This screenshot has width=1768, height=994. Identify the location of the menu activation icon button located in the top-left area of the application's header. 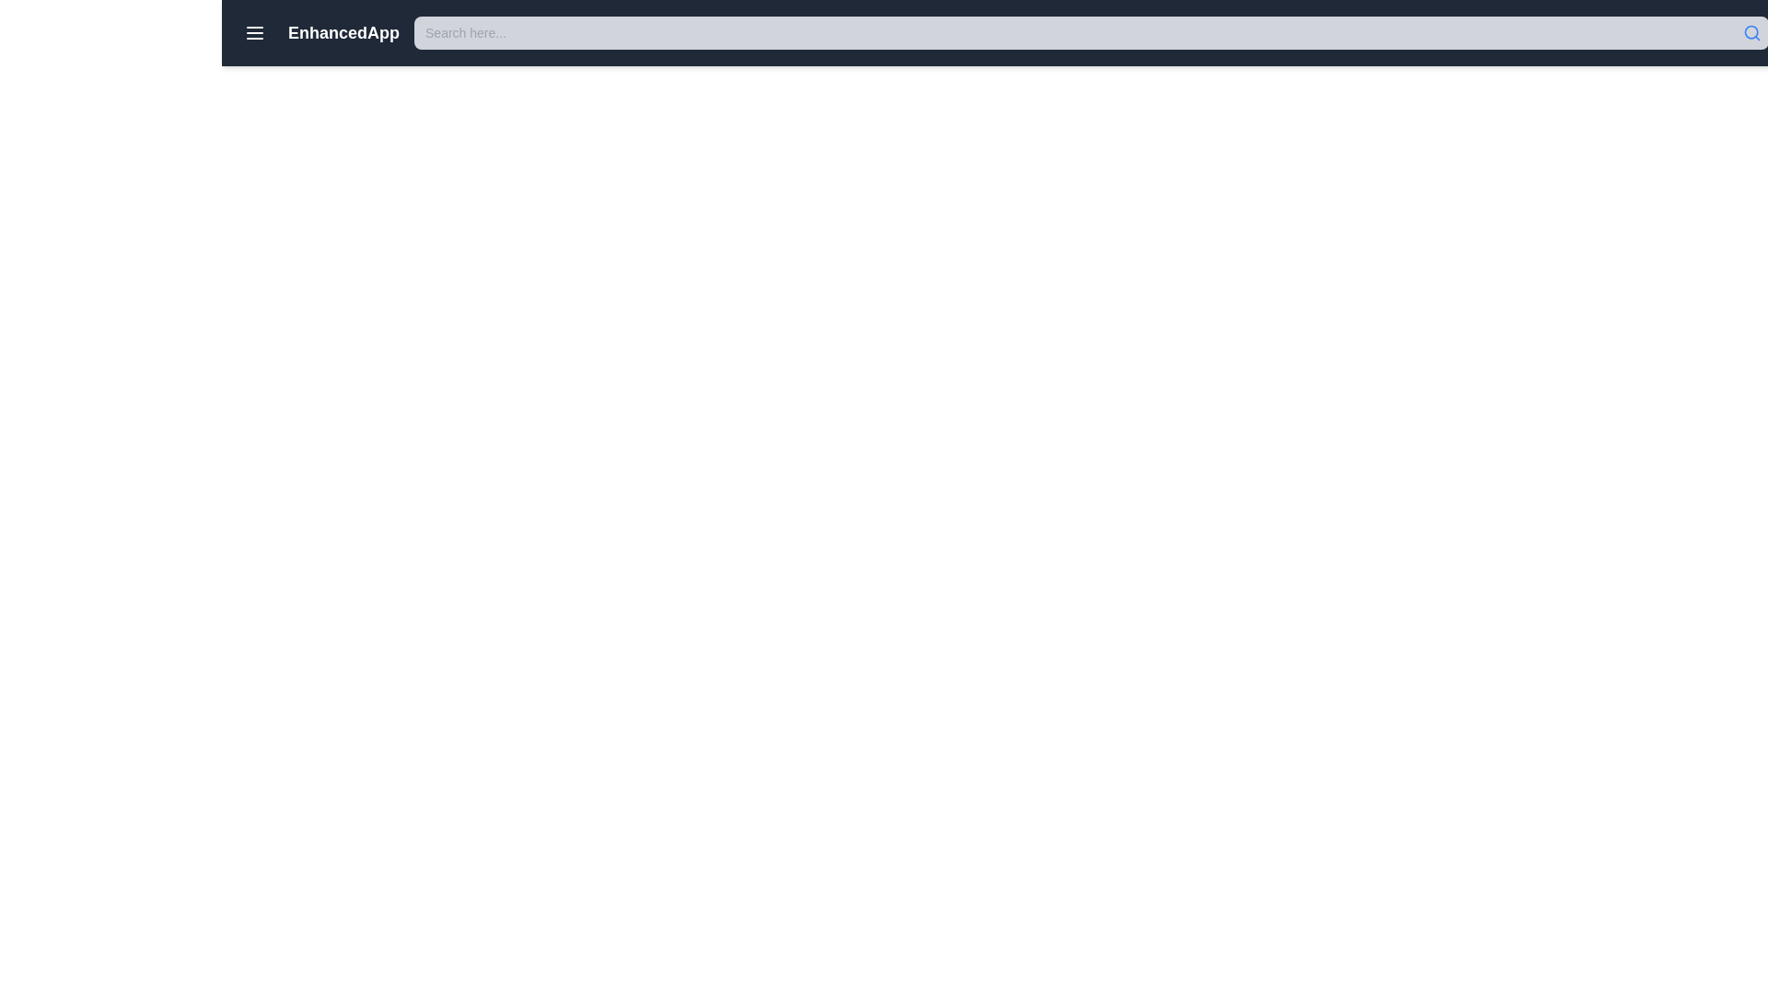
(254, 32).